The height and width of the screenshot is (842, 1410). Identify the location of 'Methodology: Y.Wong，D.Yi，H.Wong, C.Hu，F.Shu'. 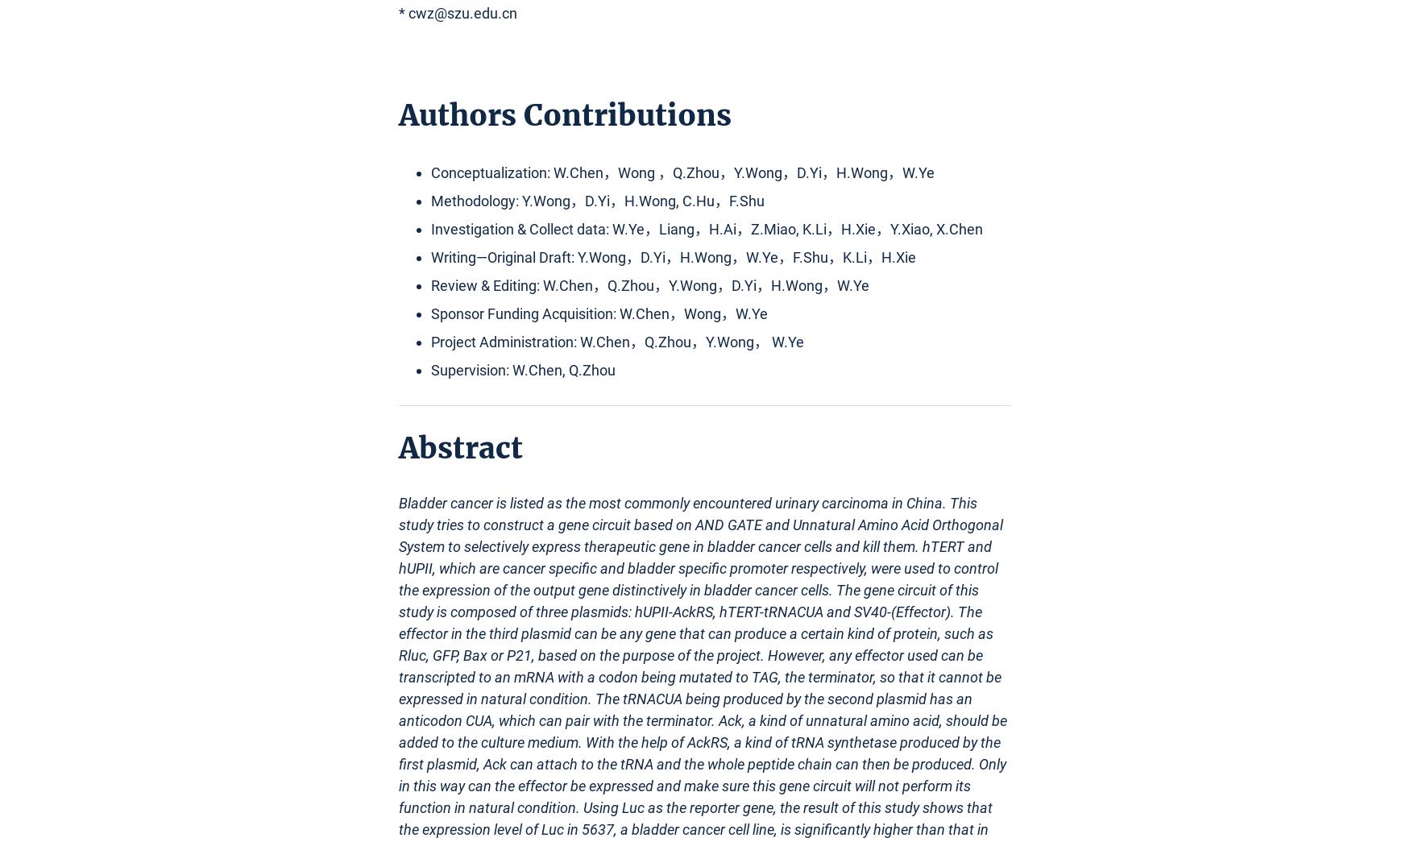
(598, 200).